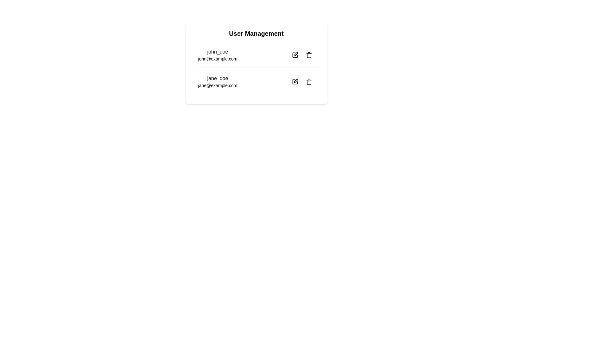  What do you see at coordinates (294, 81) in the screenshot?
I see `the icon button with a pen symbol located next to 'jane_doe' in the user management panel` at bounding box center [294, 81].